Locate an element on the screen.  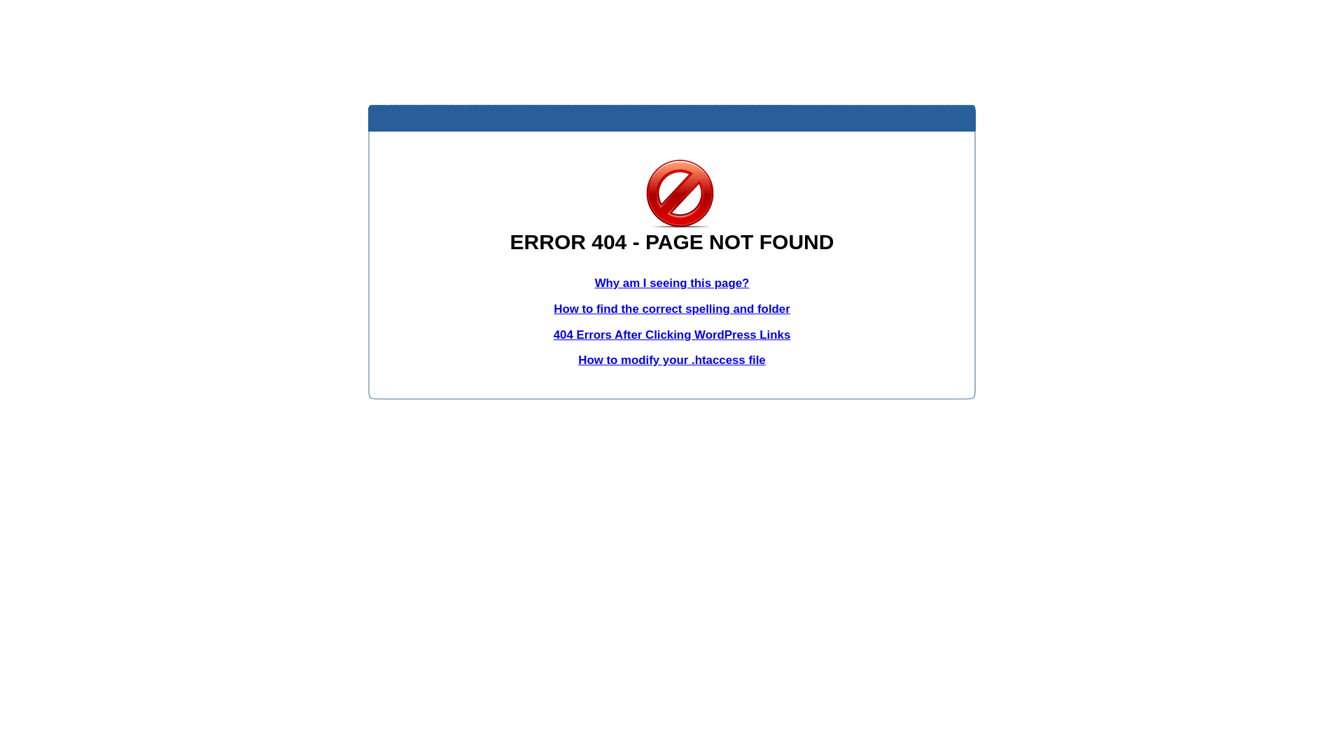
'Why am I seeing this page?' is located at coordinates (672, 283).